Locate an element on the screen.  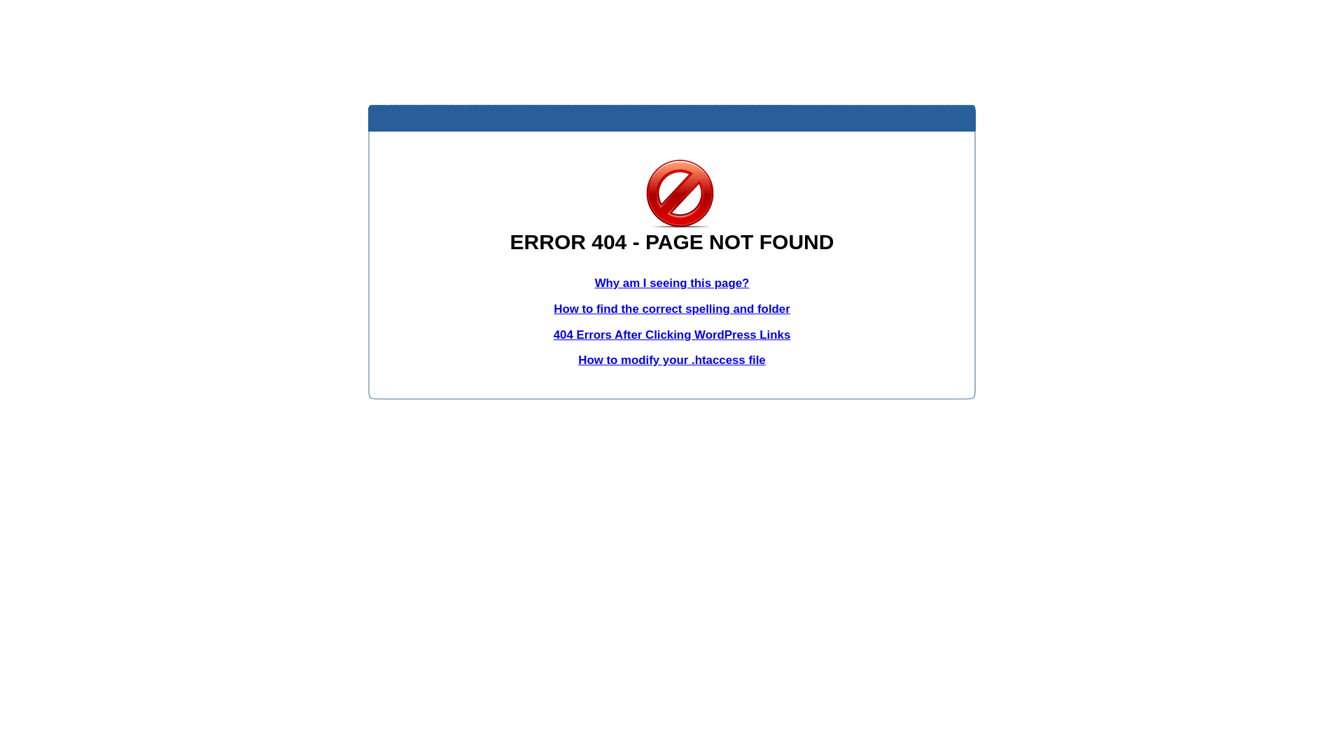
'Why am I seeing this page?' is located at coordinates (672, 283).